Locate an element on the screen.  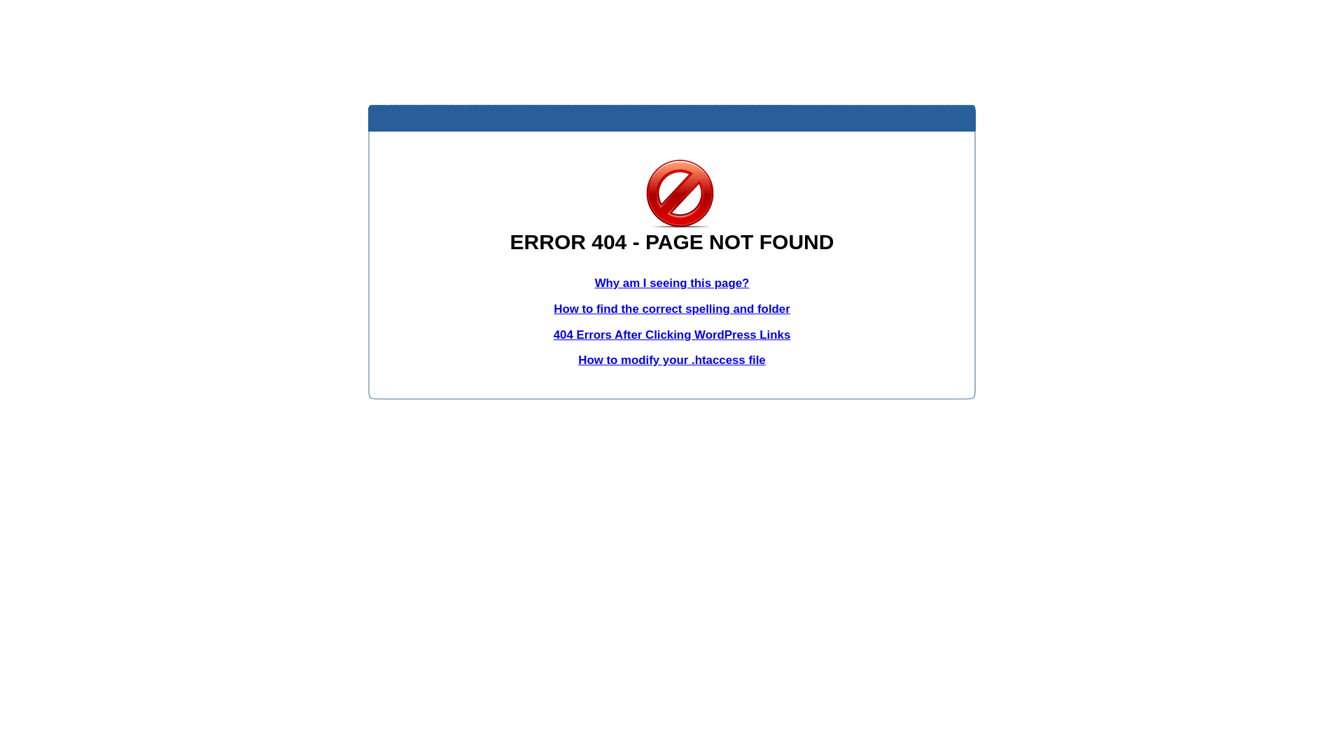
'Why am I seeing this page?' is located at coordinates (672, 283).